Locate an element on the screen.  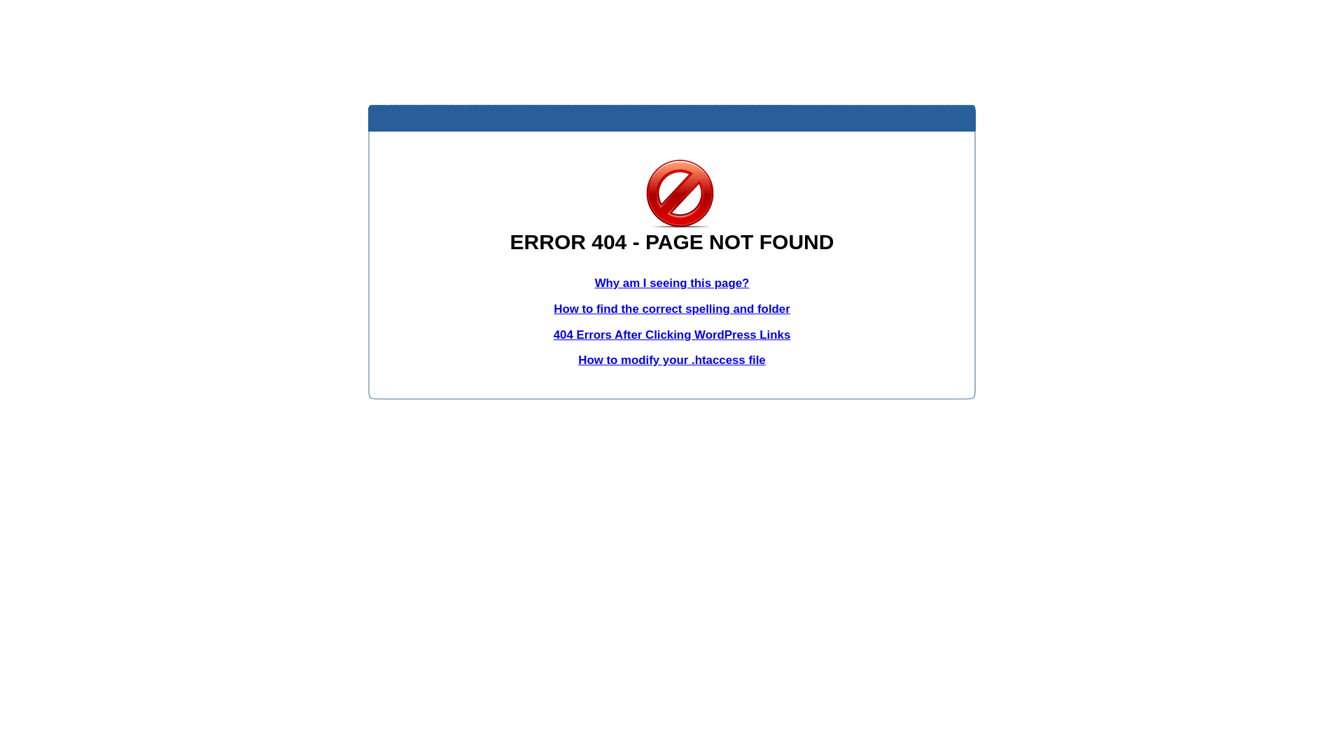
'Why am I seeing this page?' is located at coordinates (672, 283).